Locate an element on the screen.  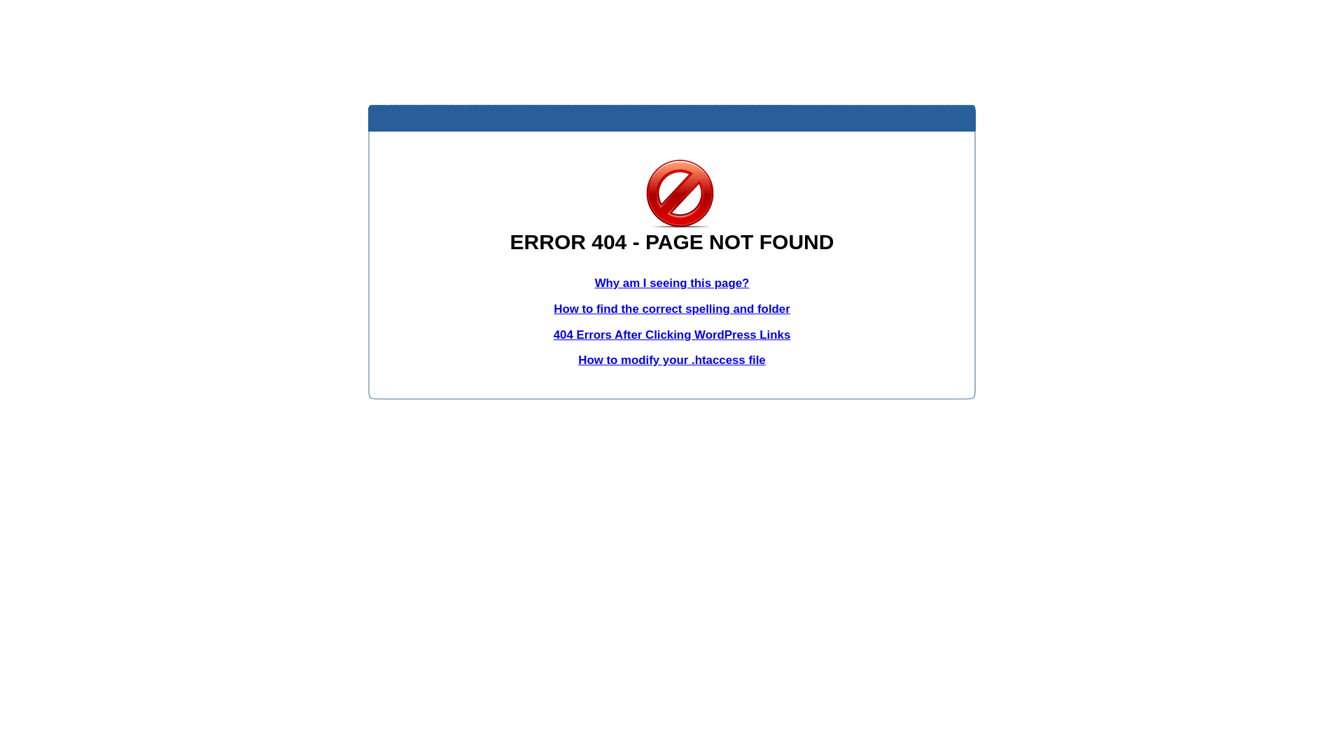
'Why am I seeing this page?' is located at coordinates (672, 283).